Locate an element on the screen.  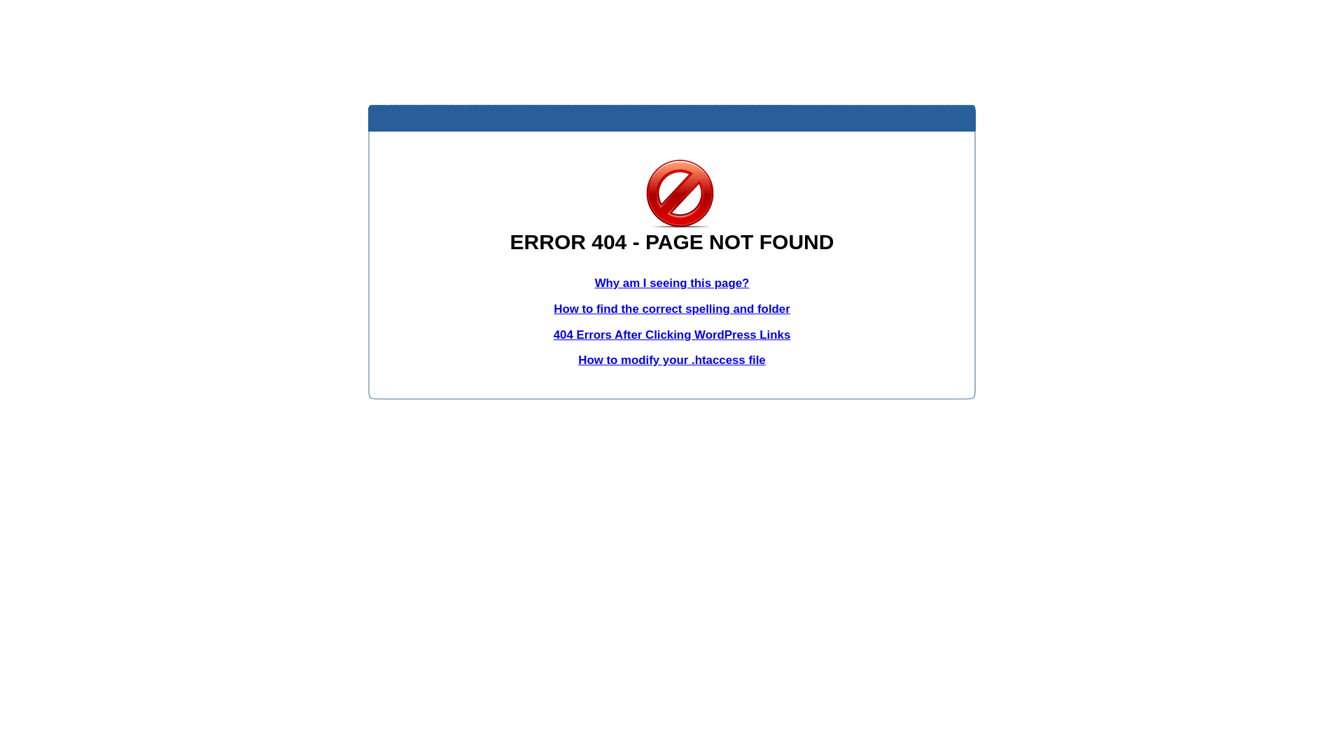
'Why am I seeing this page?' is located at coordinates (672, 283).